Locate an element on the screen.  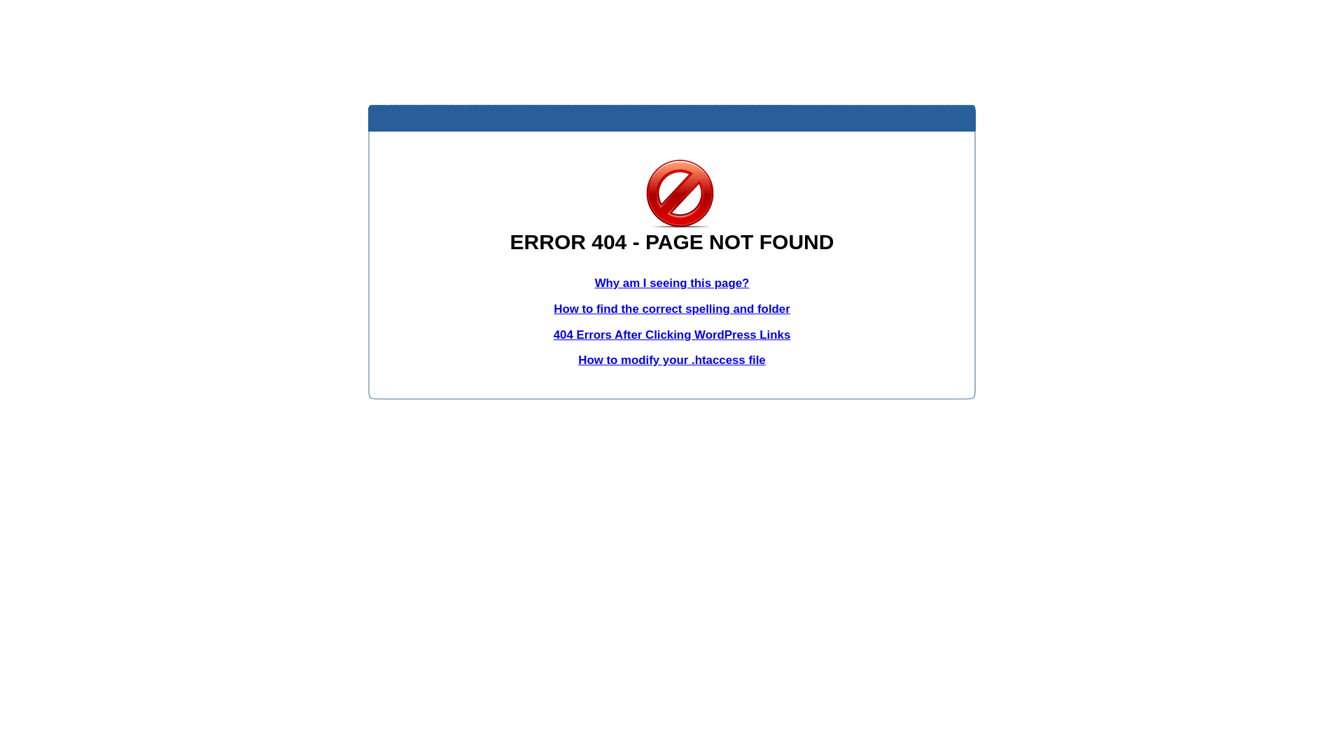
'Why am I seeing this page?' is located at coordinates (672, 283).